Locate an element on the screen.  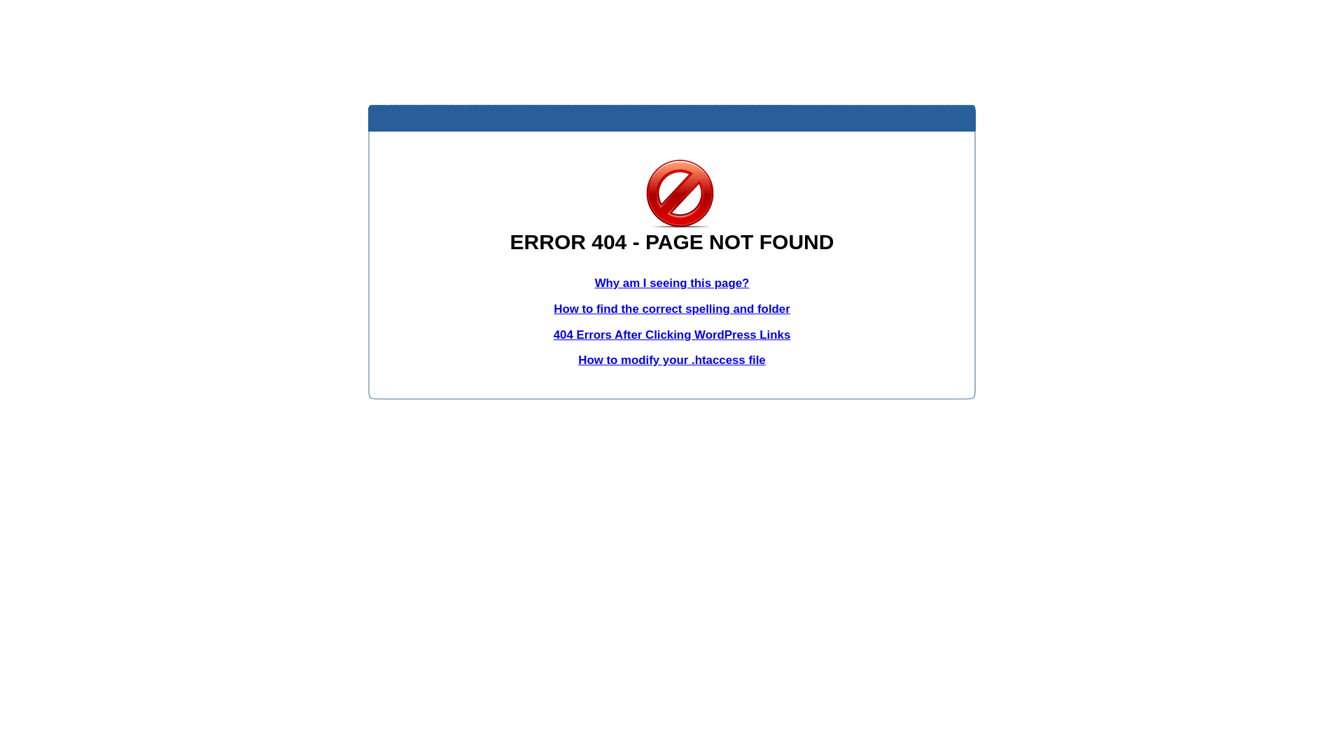
'Why am I seeing this page?' is located at coordinates (672, 283).